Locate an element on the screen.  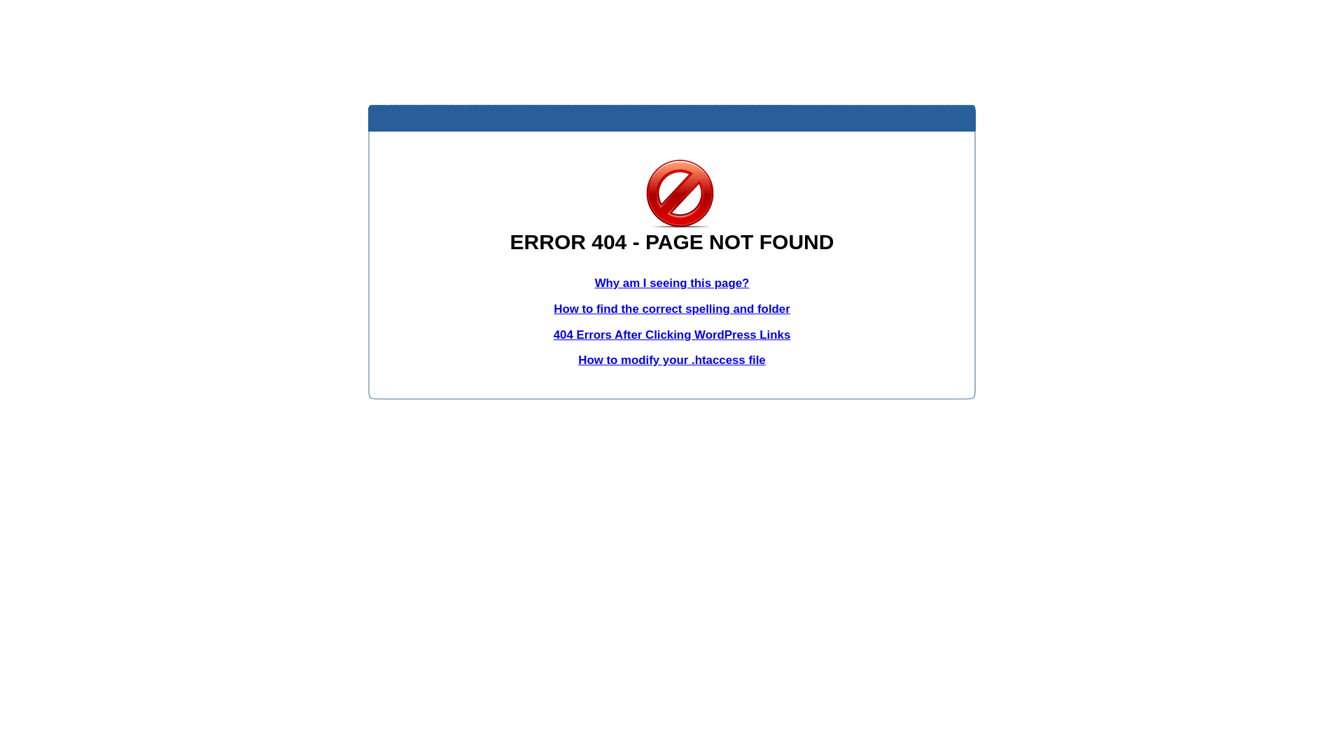
'Why am I seeing this page?' is located at coordinates (672, 283).